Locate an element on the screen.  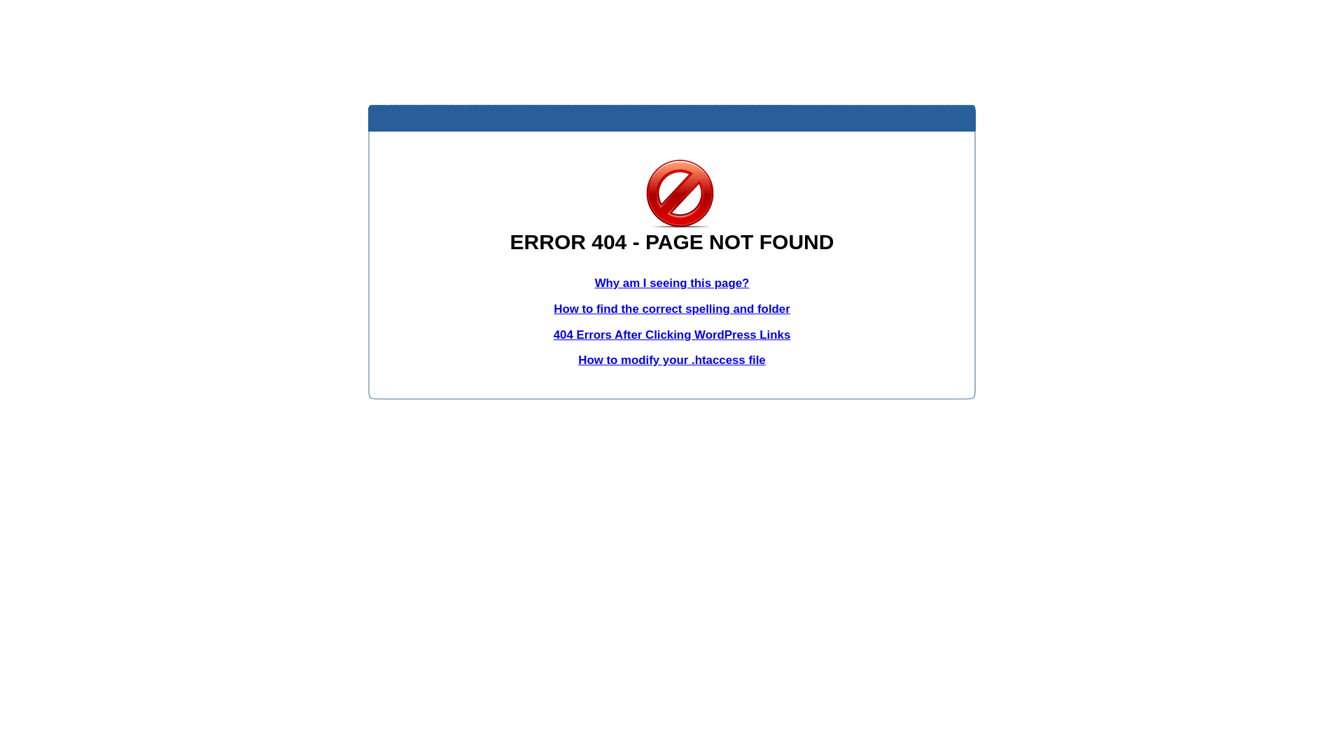
'Why am I seeing this page?' is located at coordinates (672, 283).